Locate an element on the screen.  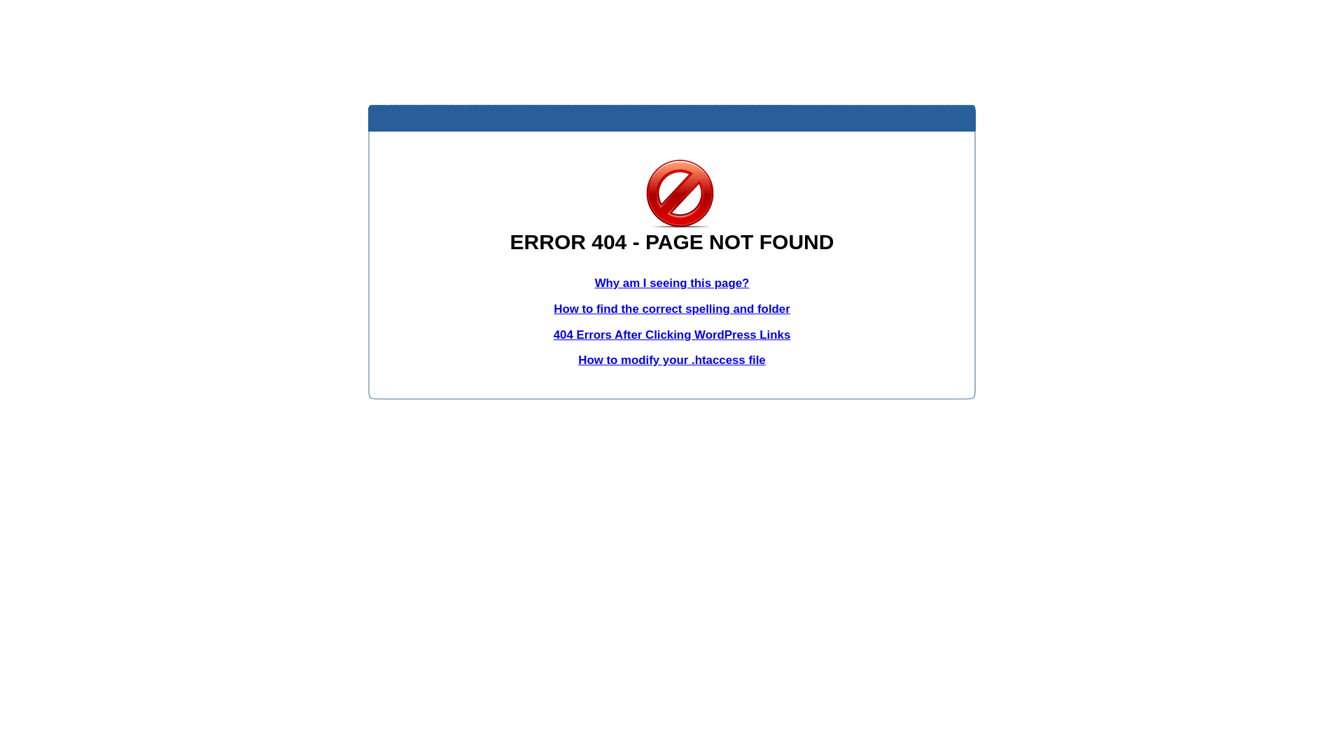
'Why am I seeing this page?' is located at coordinates (672, 283).